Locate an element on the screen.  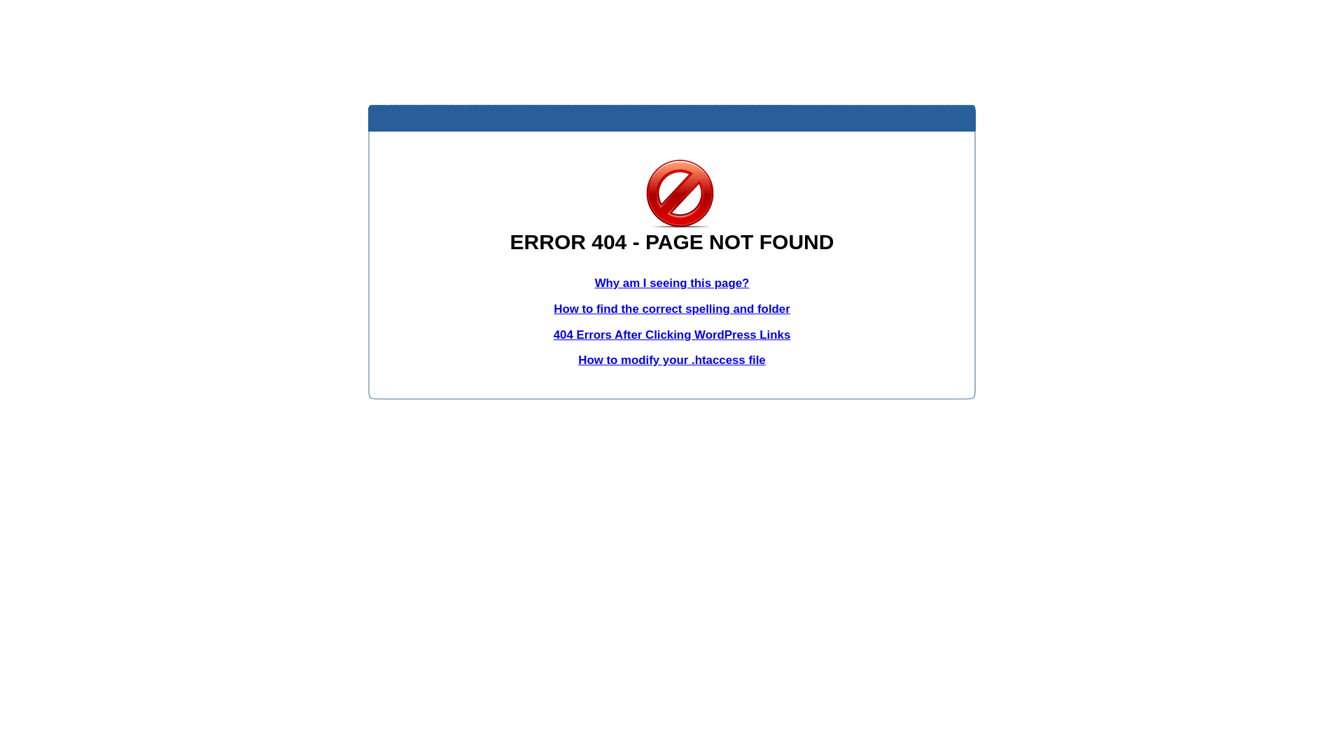
'Why am I seeing this page?' is located at coordinates (672, 283).